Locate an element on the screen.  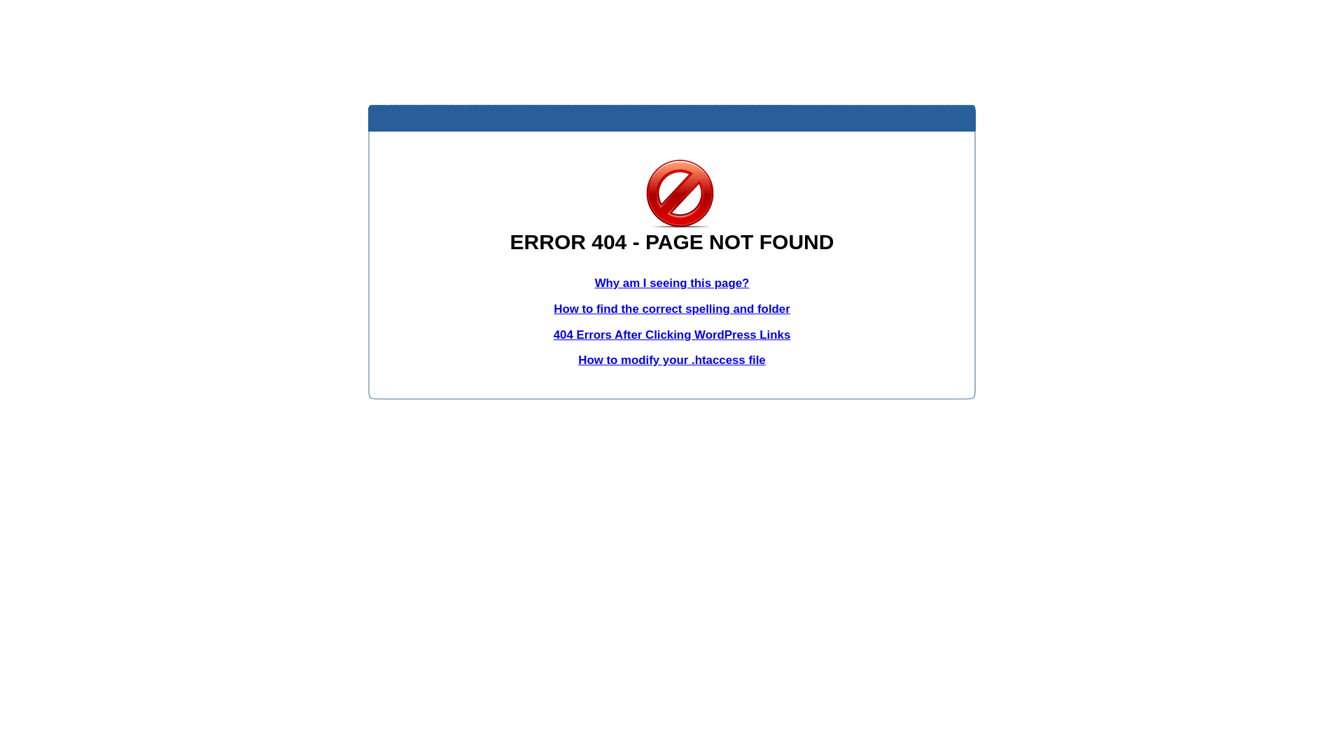
'Why am I seeing this page?' is located at coordinates (672, 283).